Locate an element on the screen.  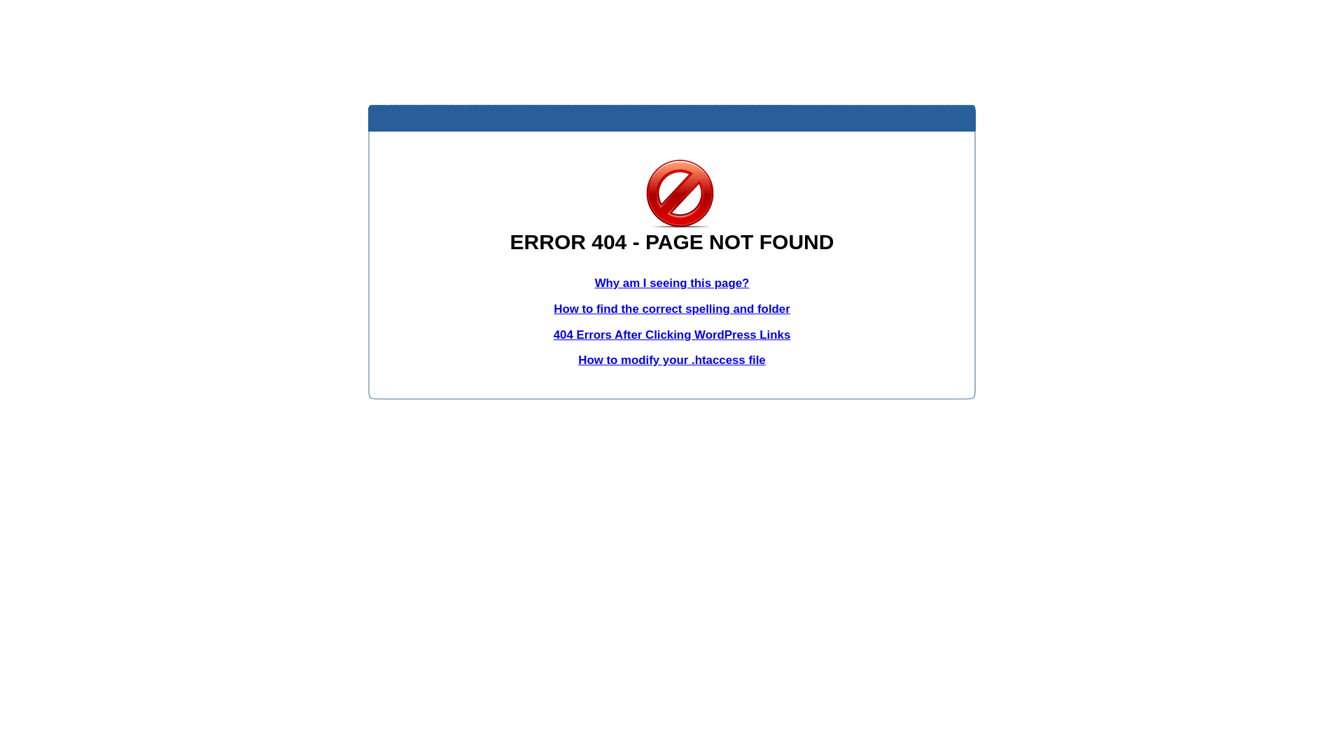
'Why am I seeing this page?' is located at coordinates (672, 283).